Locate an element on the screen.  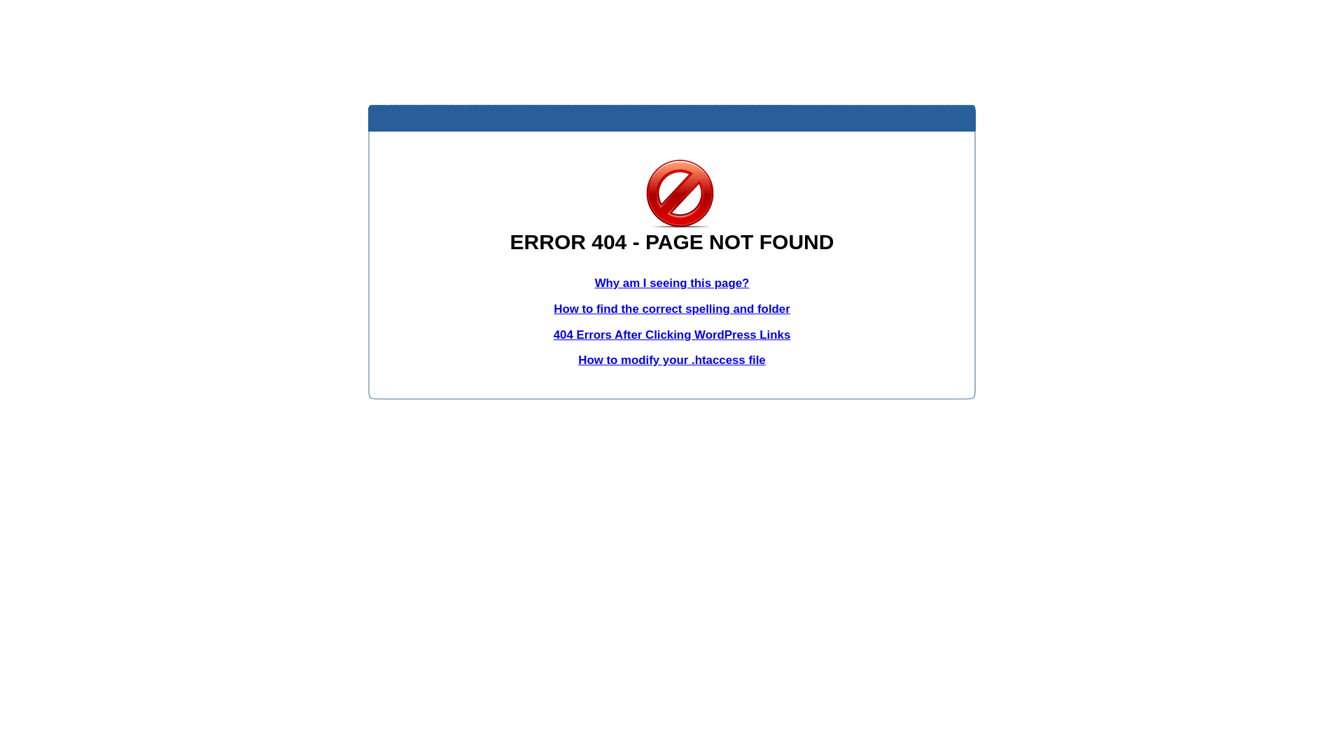
'Why am I seeing this page?' is located at coordinates (672, 283).